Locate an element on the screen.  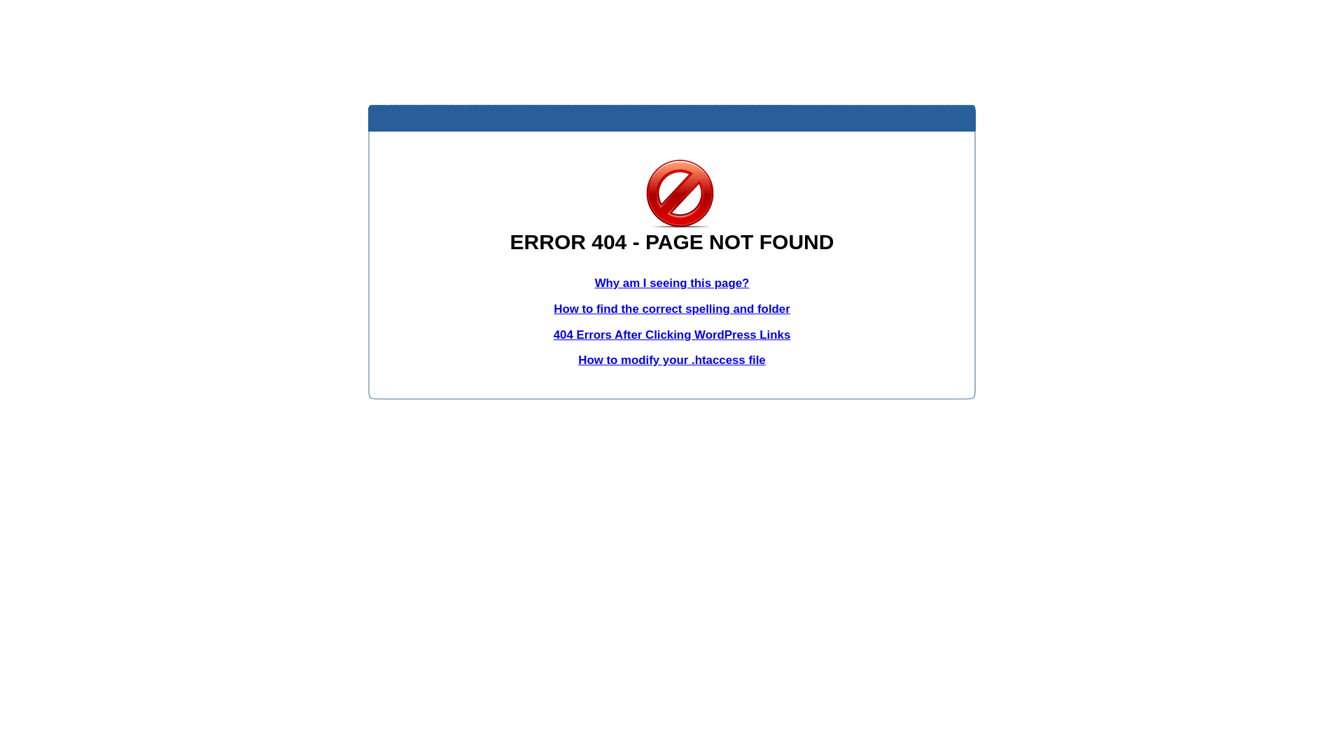
'Why am I seeing this page?' is located at coordinates (672, 283).